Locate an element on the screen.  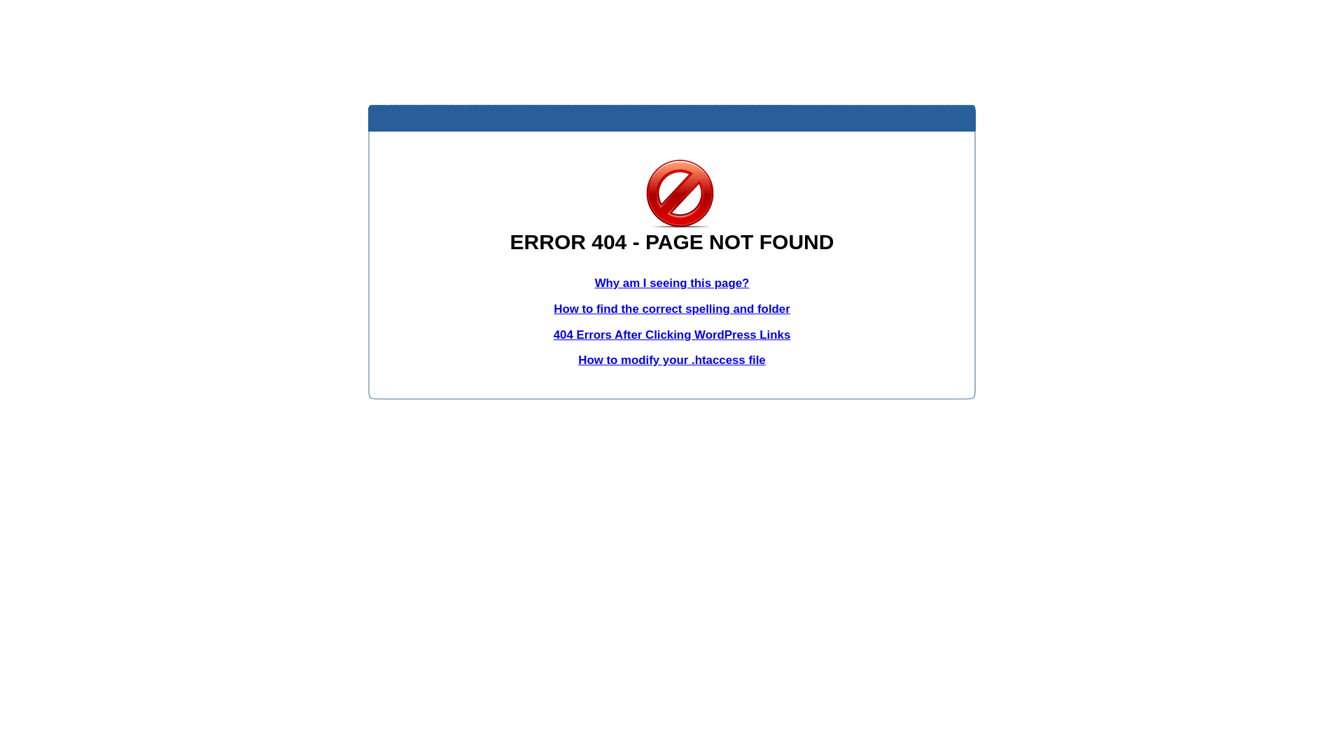
'Why am I seeing this page?' is located at coordinates (672, 283).